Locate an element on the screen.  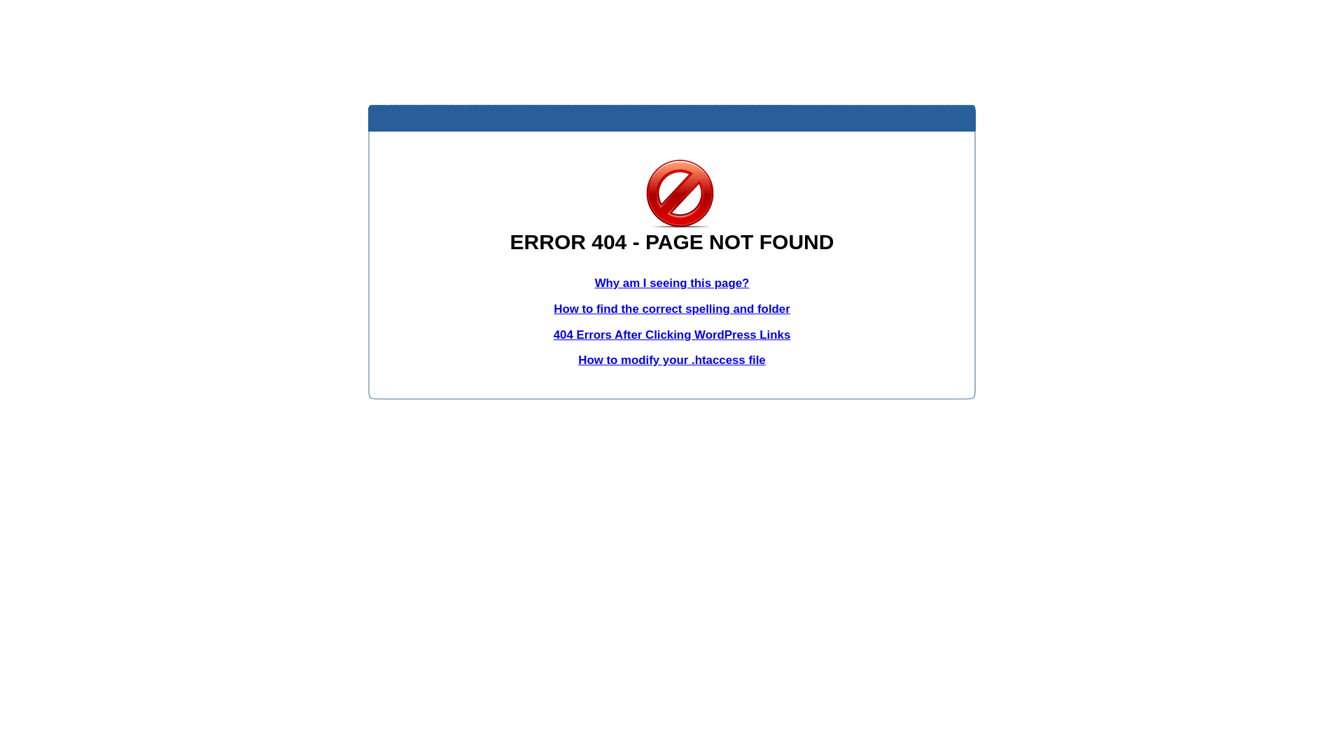
'Why am I seeing this page?' is located at coordinates (672, 283).